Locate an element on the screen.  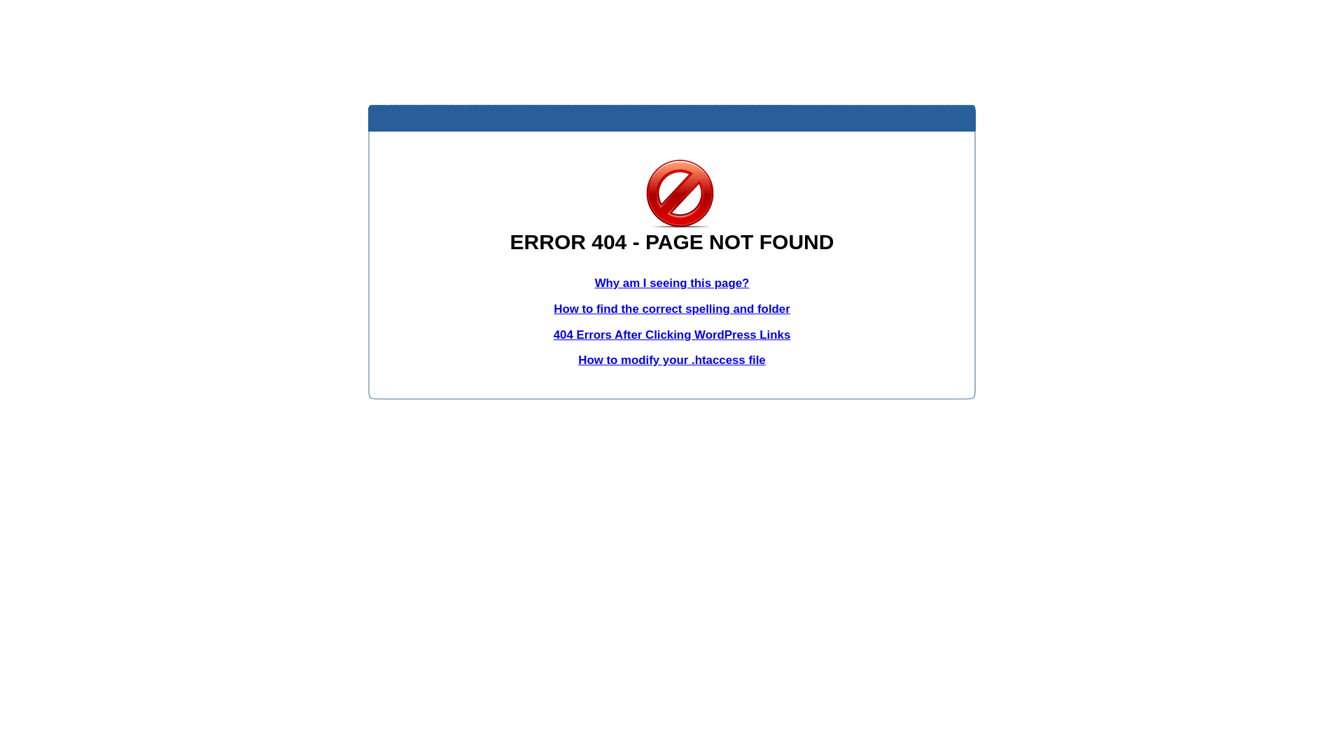
'Why am I seeing this page?' is located at coordinates (672, 283).